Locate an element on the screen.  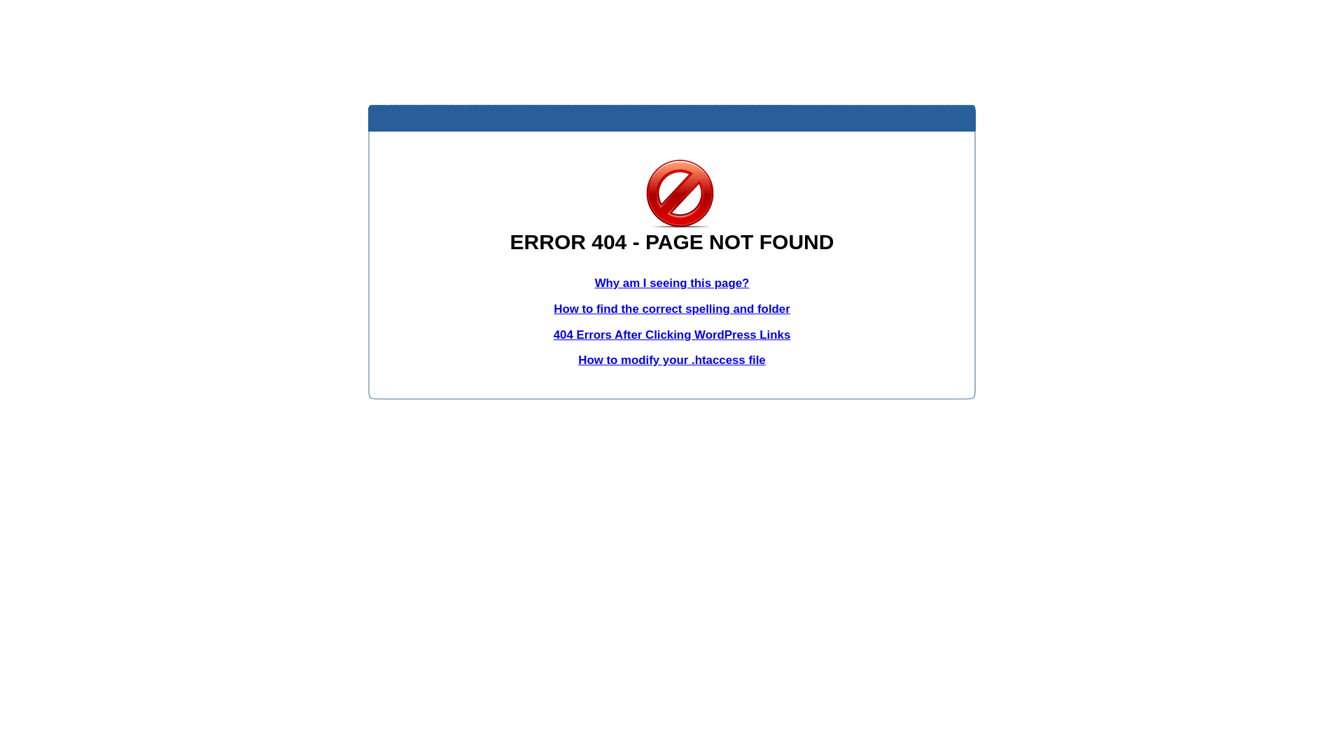
'Why am I seeing this page?' is located at coordinates (672, 283).